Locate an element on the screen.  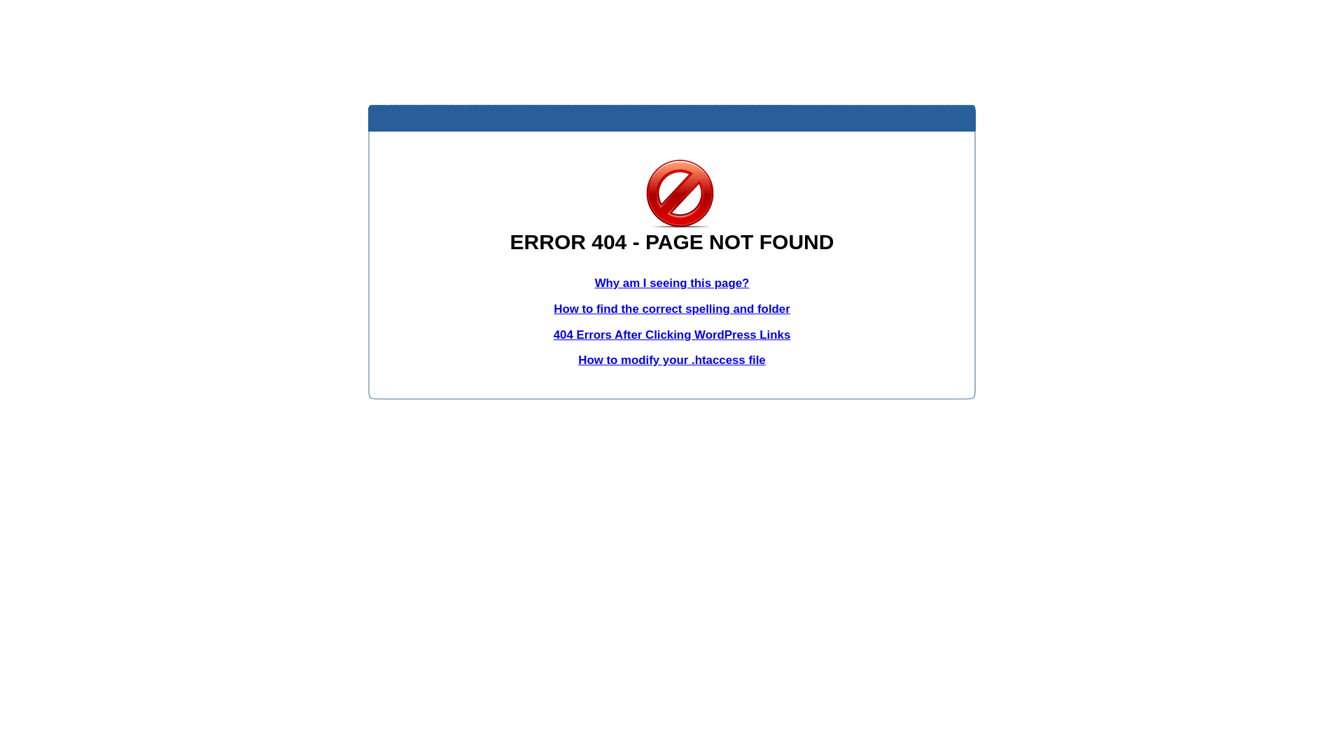
'Why am I seeing this page?' is located at coordinates (672, 283).